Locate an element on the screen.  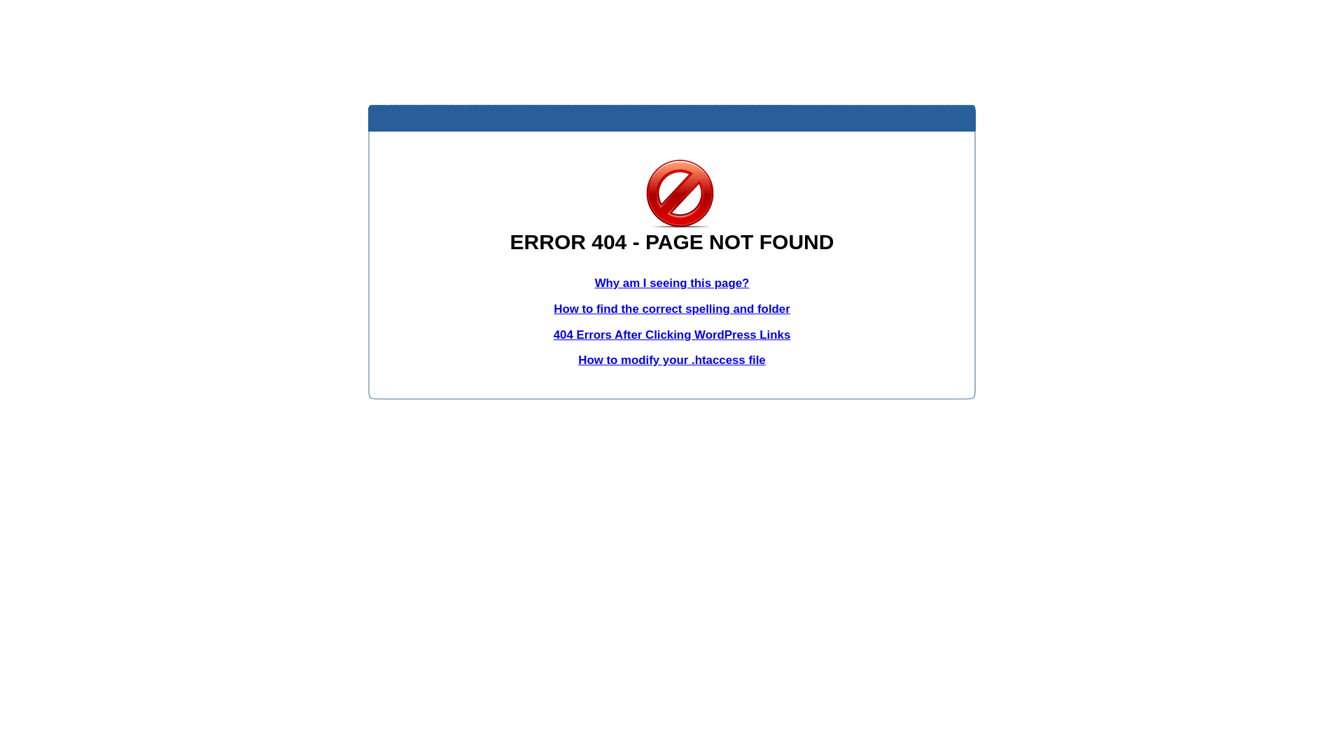
'Why am I seeing this page?' is located at coordinates (672, 283).